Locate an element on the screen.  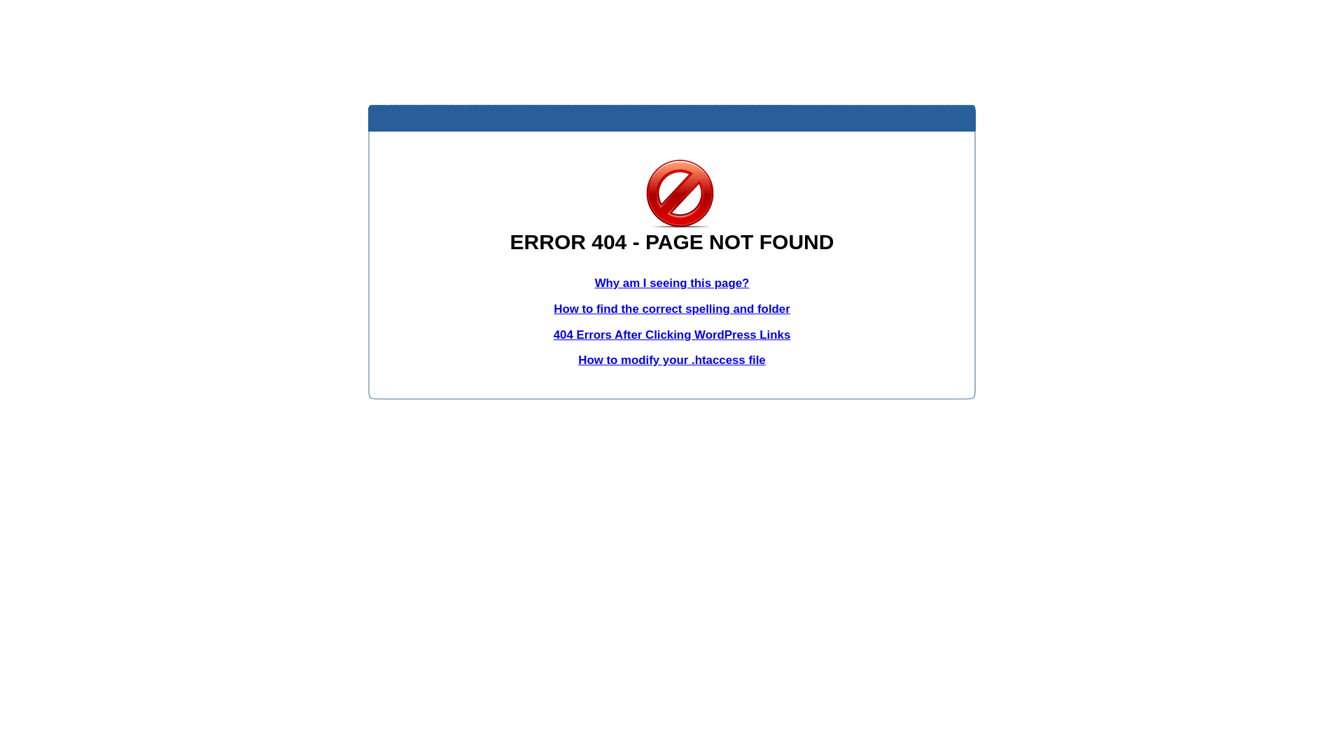
'Why am I seeing this page?' is located at coordinates (672, 283).